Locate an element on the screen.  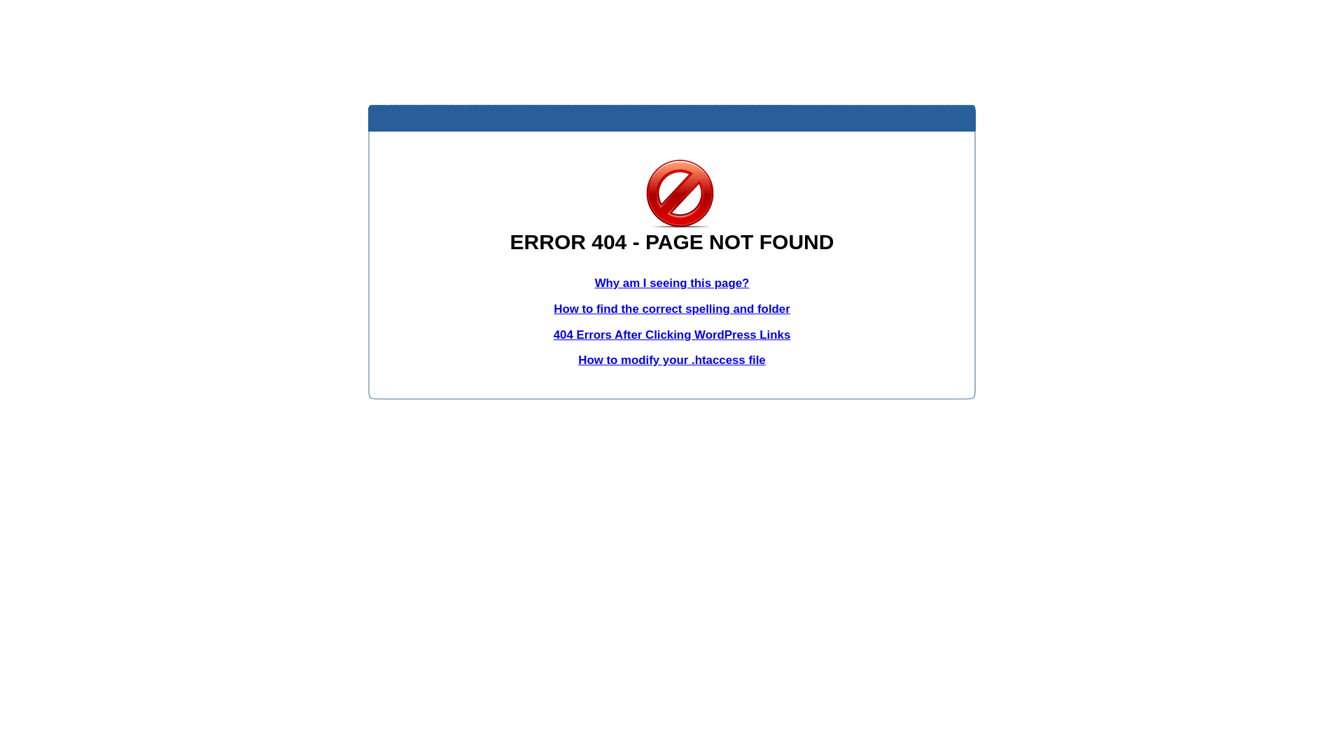
'Why am I seeing this page?' is located at coordinates (672, 283).